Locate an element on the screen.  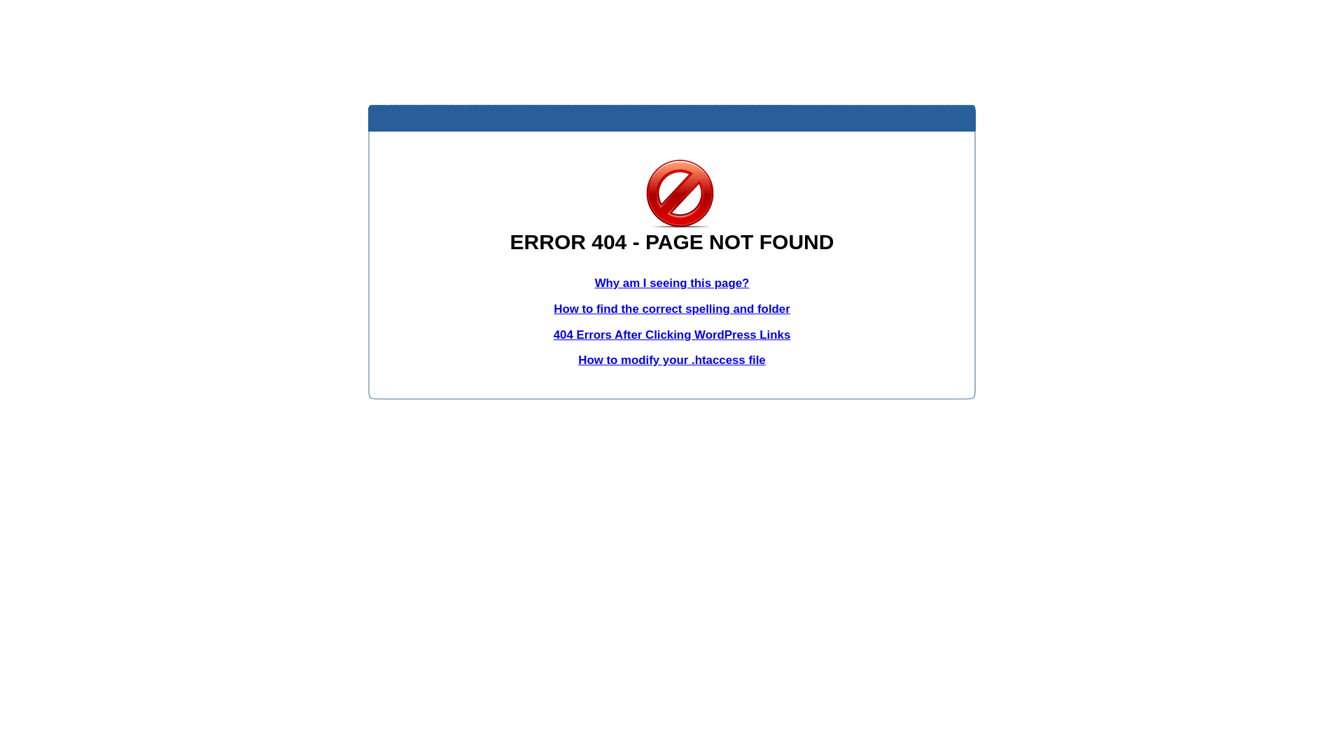
'Why am I seeing this page?' is located at coordinates (672, 283).